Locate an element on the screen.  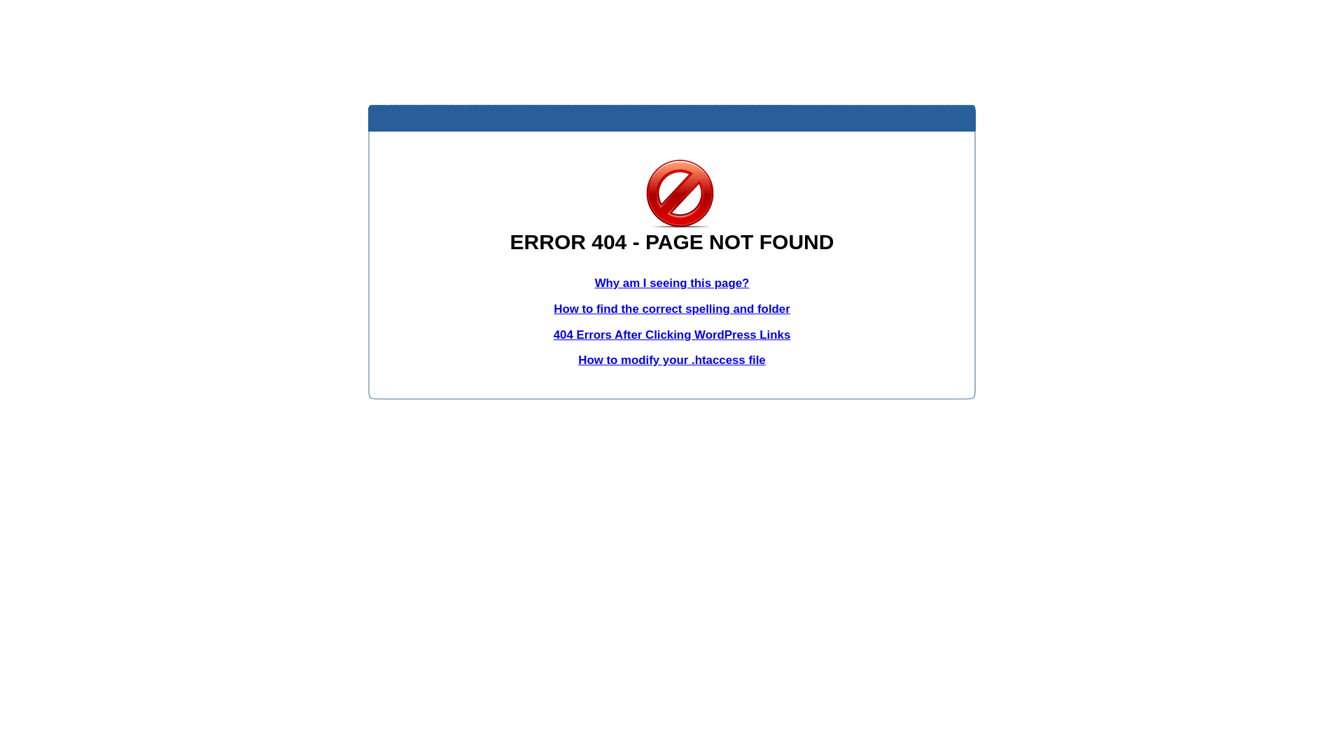
'Why am I seeing this page?' is located at coordinates (672, 283).